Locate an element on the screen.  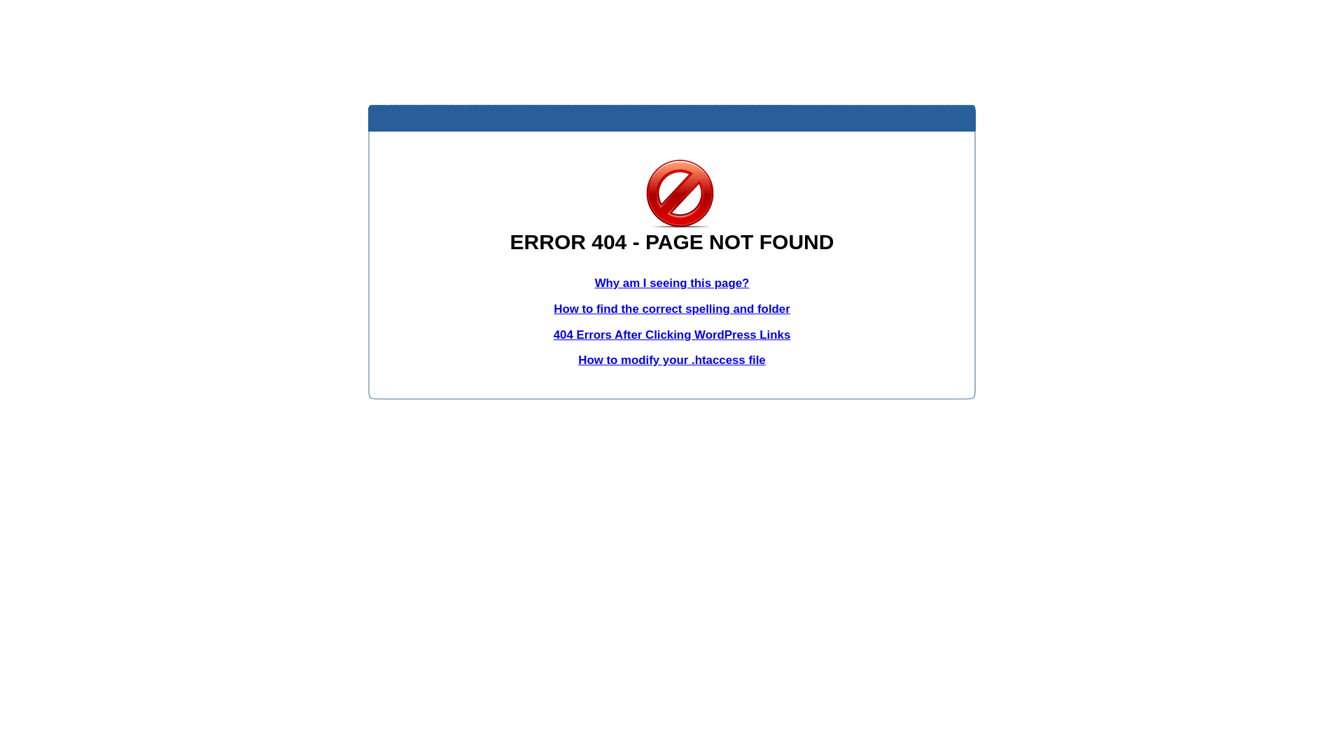
'Why am I seeing this page?' is located at coordinates (672, 283).